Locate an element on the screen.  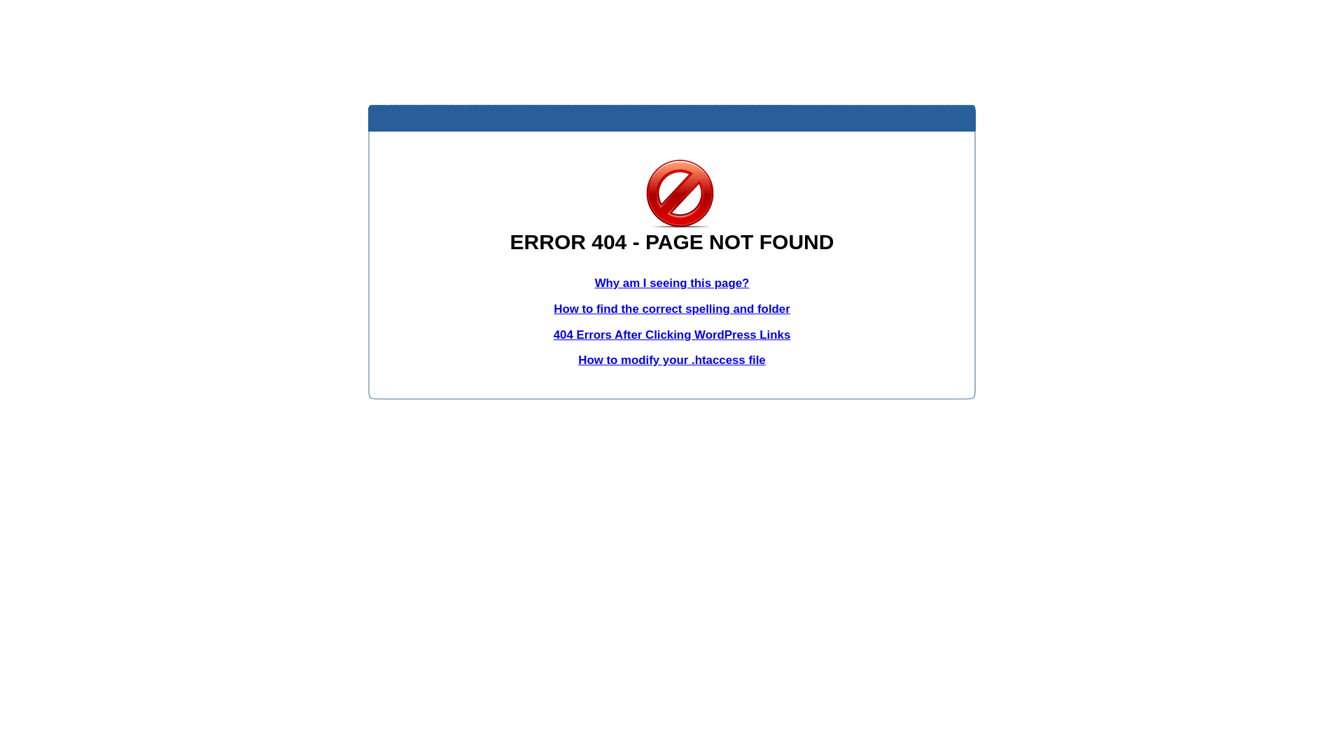
'Why am I seeing this page?' is located at coordinates (672, 283).